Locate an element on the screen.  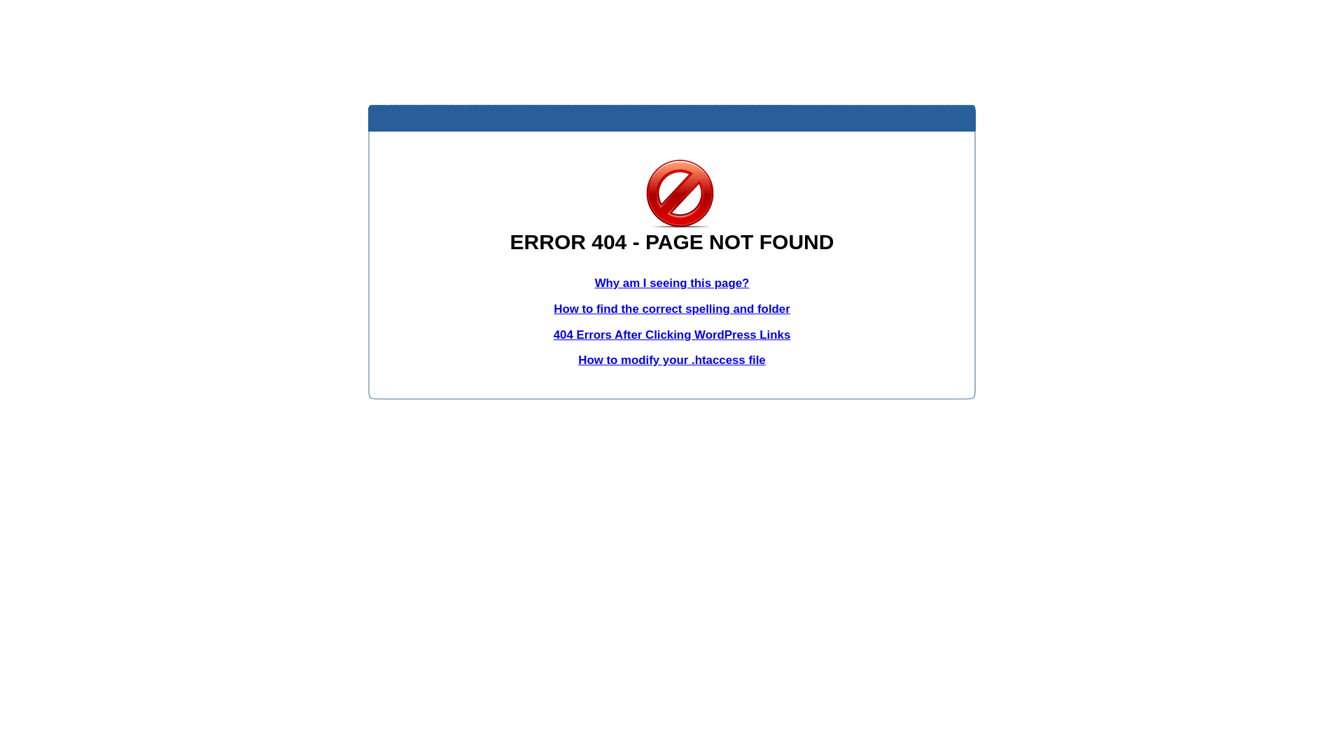
'Why am I seeing this page?' is located at coordinates (672, 283).